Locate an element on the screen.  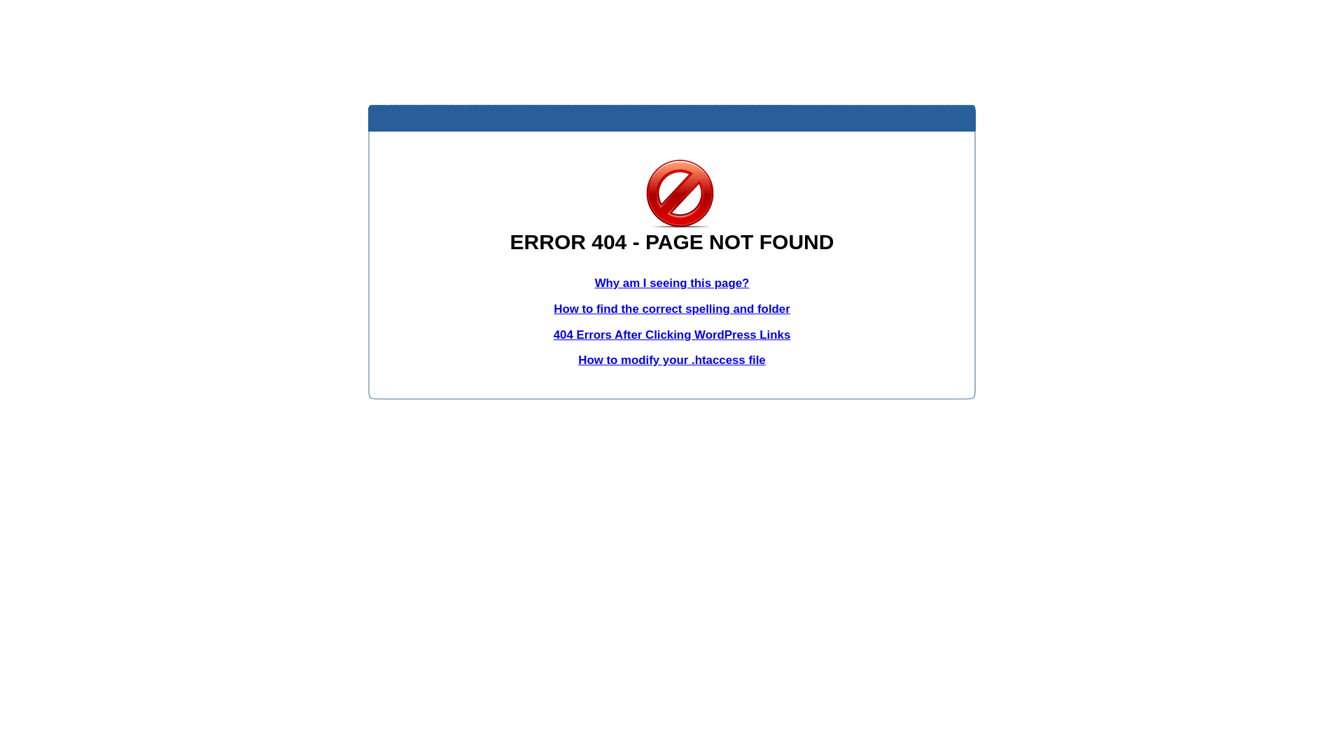
'Why am I seeing this page?' is located at coordinates (672, 283).